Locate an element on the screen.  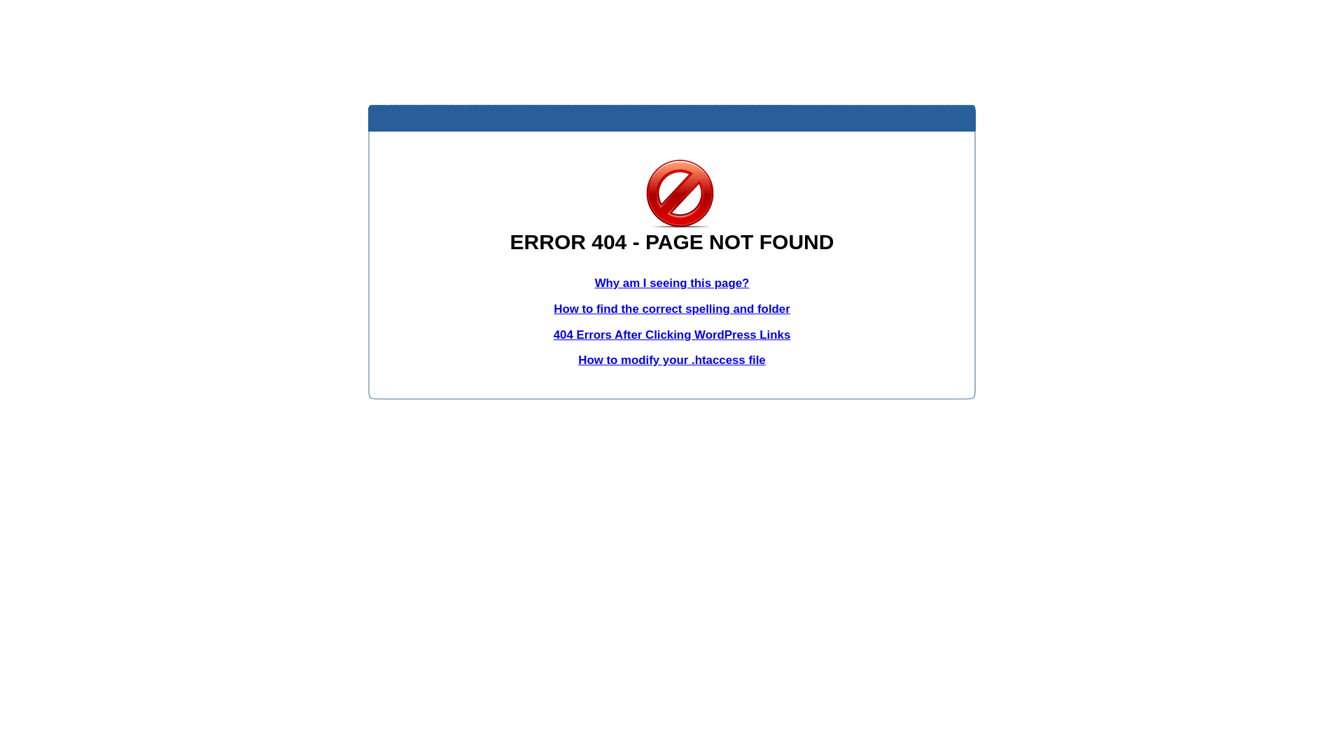
'Why am I seeing this page?' is located at coordinates (672, 283).